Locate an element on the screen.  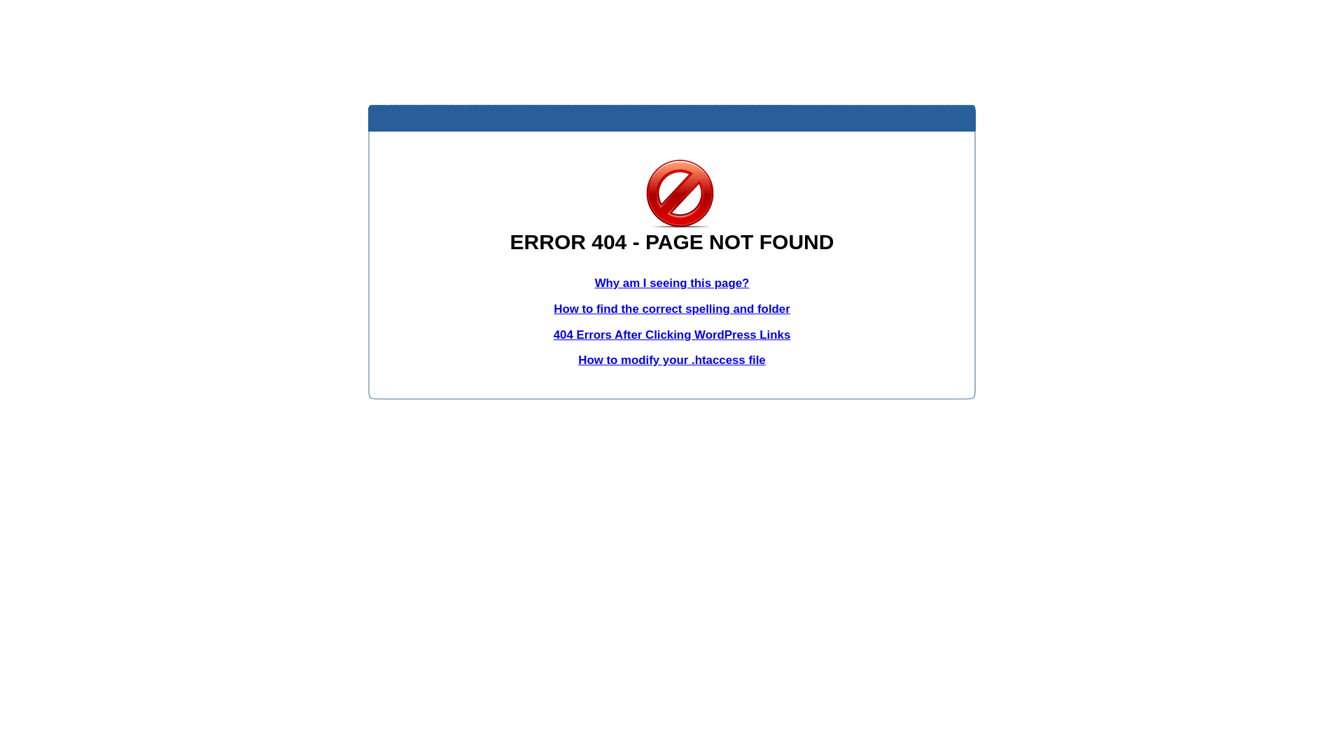
'Why am I seeing this page?' is located at coordinates (672, 283).